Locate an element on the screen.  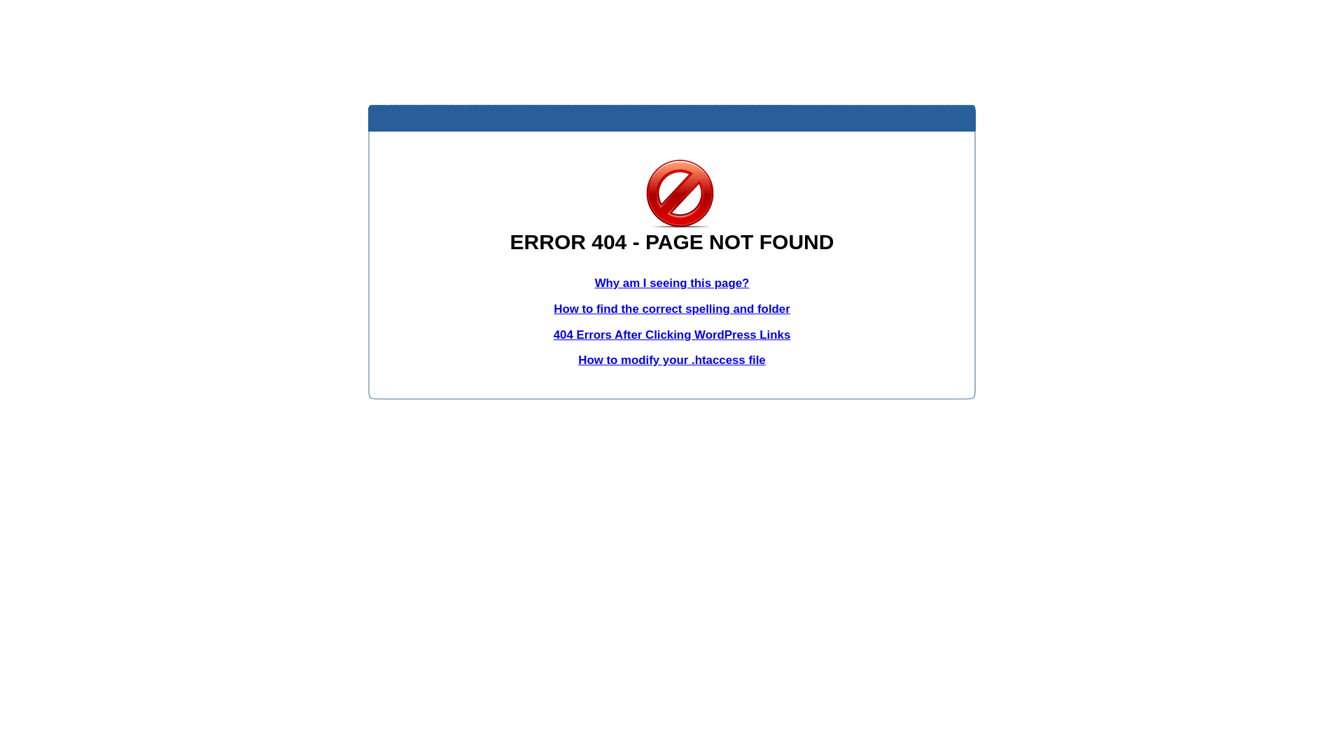
'Why am I seeing this page?' is located at coordinates (672, 283).